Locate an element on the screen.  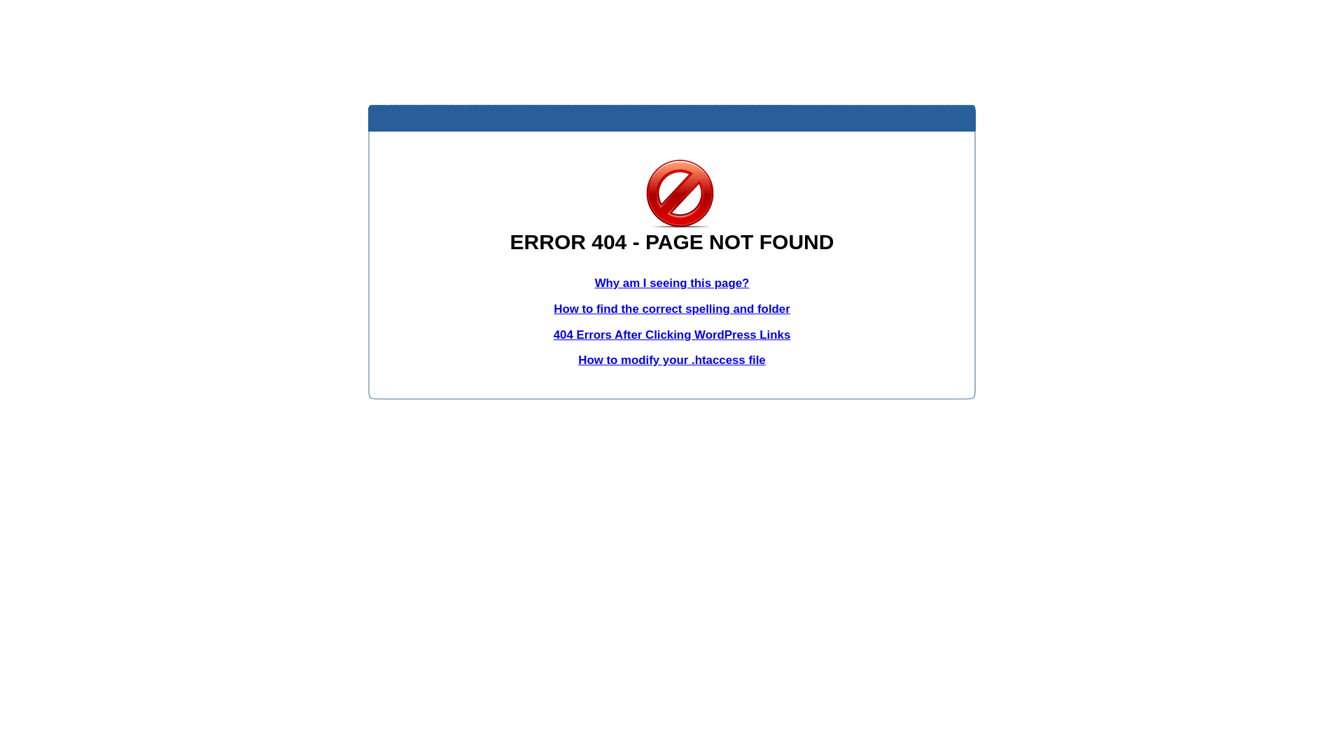
'Why am I seeing this page?' is located at coordinates (672, 283).